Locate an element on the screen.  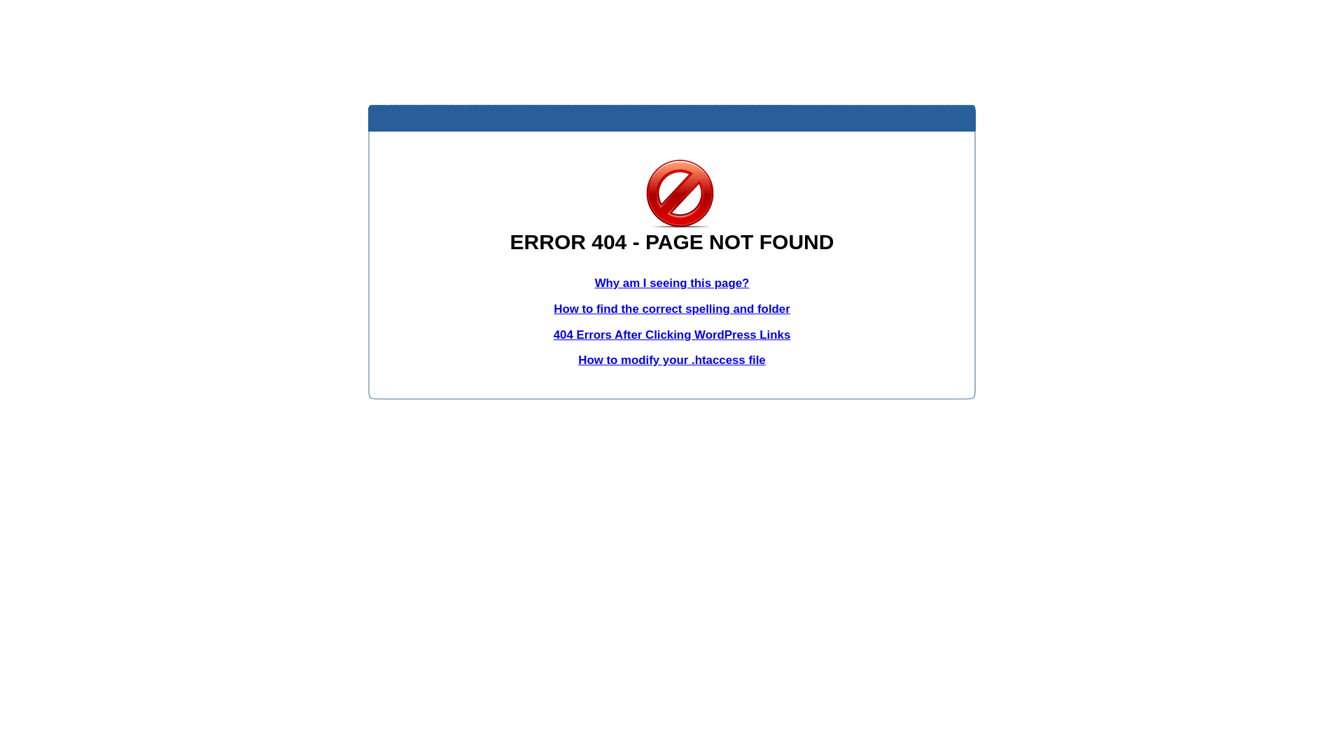
'Why am I seeing this page?' is located at coordinates (672, 283).